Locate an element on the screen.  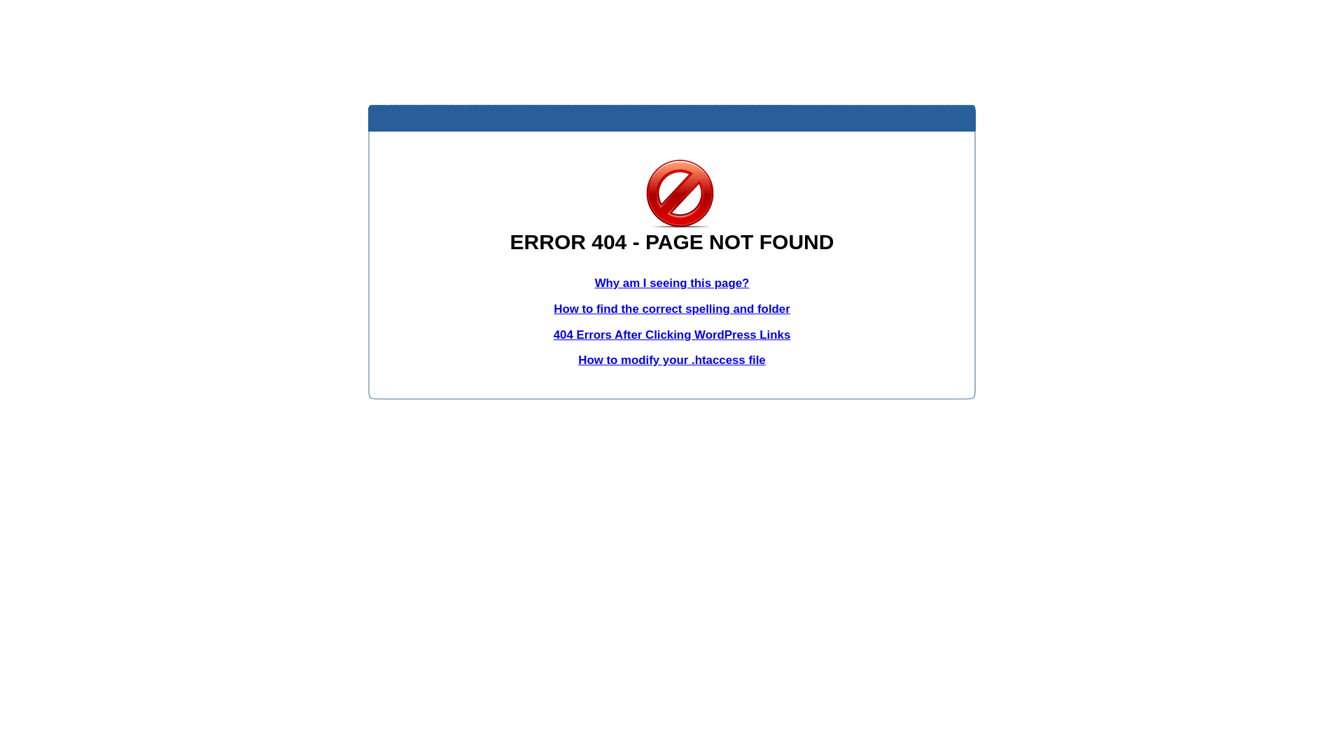
'Why am I seeing this page?' is located at coordinates (672, 283).